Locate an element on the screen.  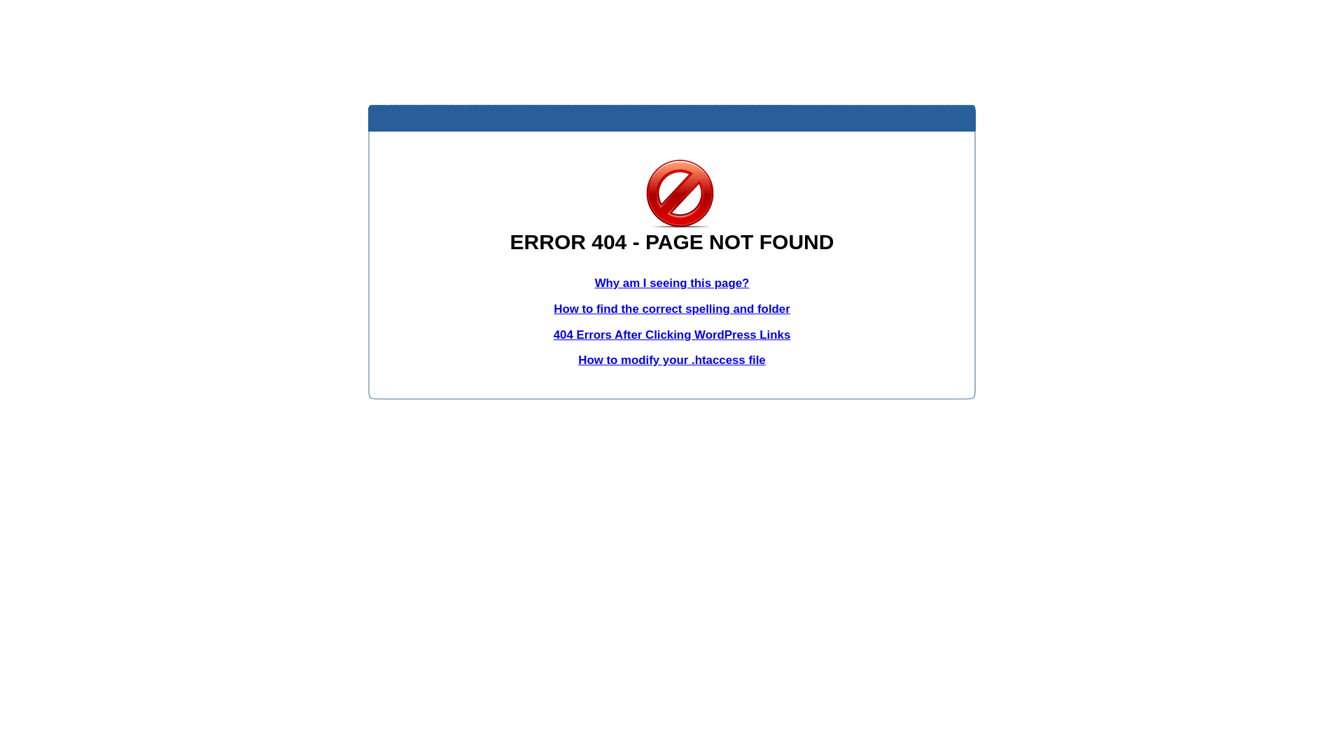
'Why am I seeing this page?' is located at coordinates (672, 283).